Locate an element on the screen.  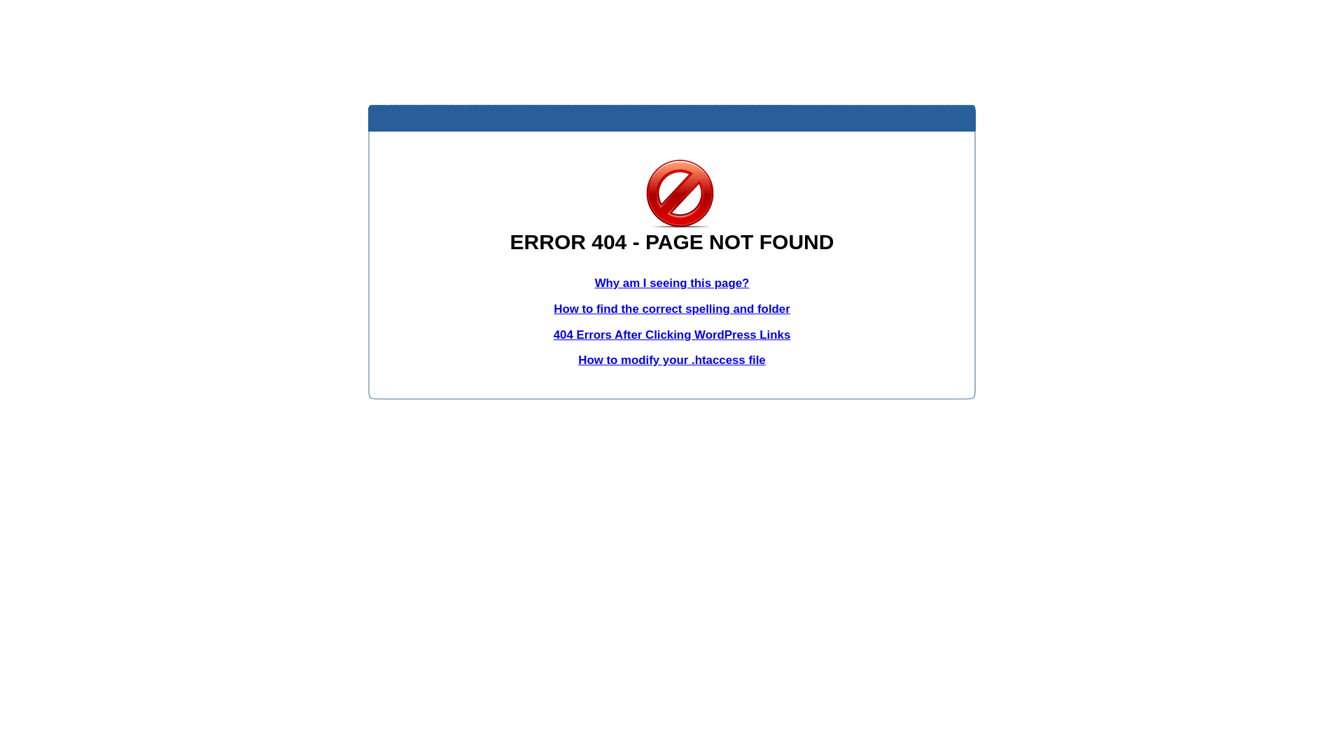
'Why am I seeing this page?' is located at coordinates (672, 283).